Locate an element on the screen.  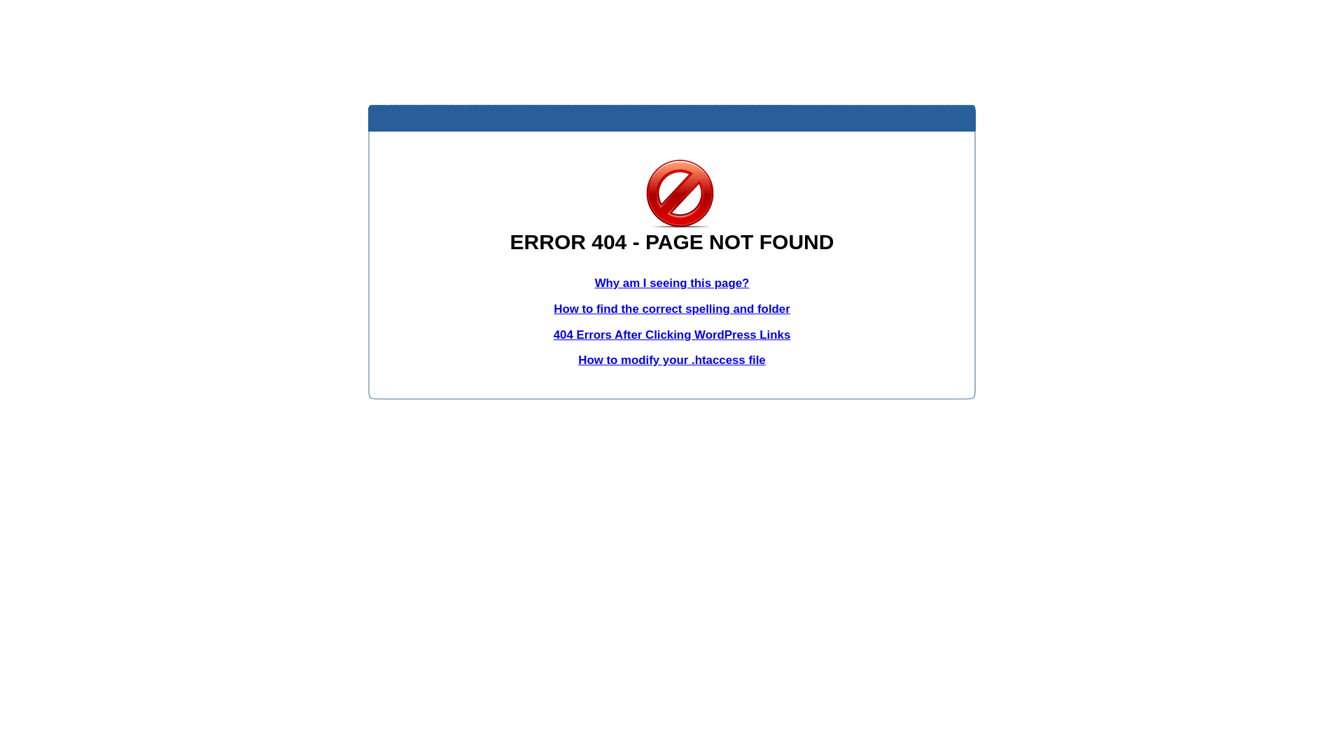
'Why am I seeing this page?' is located at coordinates (672, 283).